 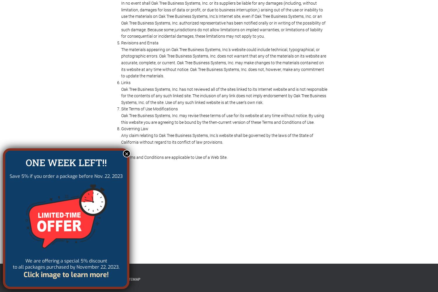 I want to click on 'In no event shall Oak Tree Business Systems, Inc. or its suppliers be liable for any damages (including, without limitation, damages for loss of data or profit, or due to business interruption,) arising out of the use or inability to use the materials on Oak Tree Business Systems, Inc.'s Internet site, even if Oak Tree Business Systems, Inc. or an Oak Tree Business Systems, Inc. authorized representative has been notified orally or in writing of the possibility of such damage. Because some jurisdictions do not allow limitations on implied warranties, or limitations of liability for consequential or incidental damages, these limitations may not apply to you.', so click(x=223, y=19).